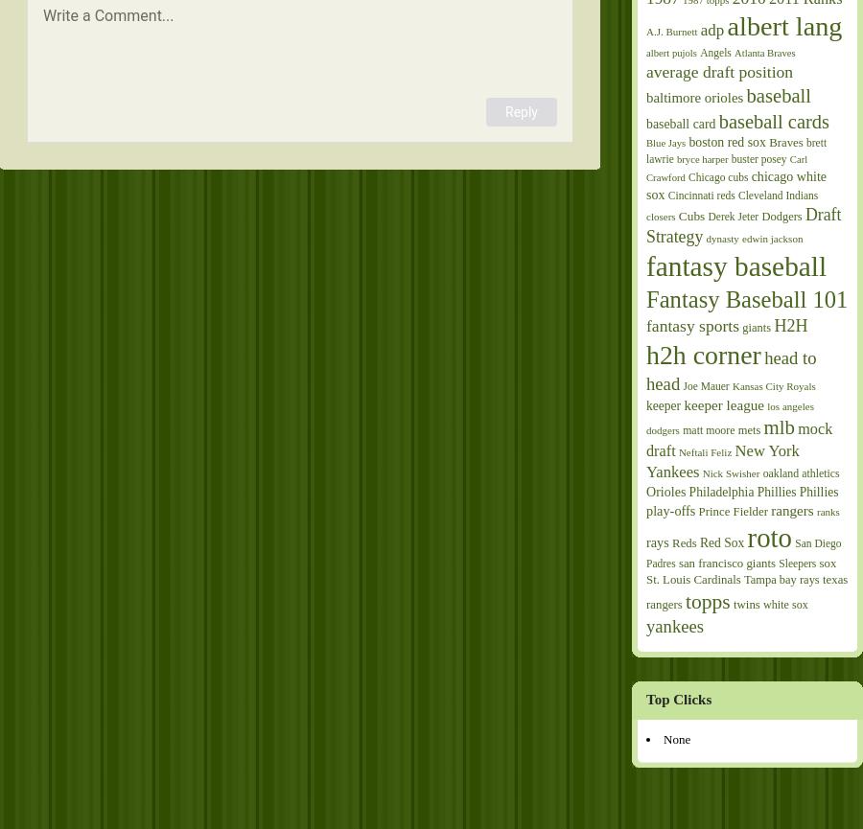  I want to click on 'Fantasy Baseball 101', so click(646, 299).